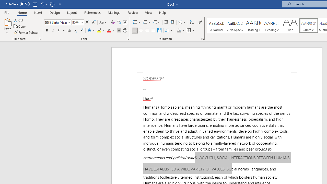 The width and height of the screenshot is (327, 184). I want to click on 'Font Color', so click(111, 30).